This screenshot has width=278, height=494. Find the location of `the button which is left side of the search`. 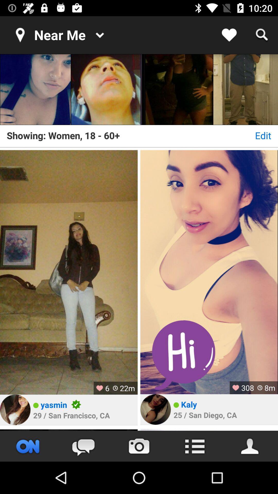

the button which is left side of the search is located at coordinates (229, 35).